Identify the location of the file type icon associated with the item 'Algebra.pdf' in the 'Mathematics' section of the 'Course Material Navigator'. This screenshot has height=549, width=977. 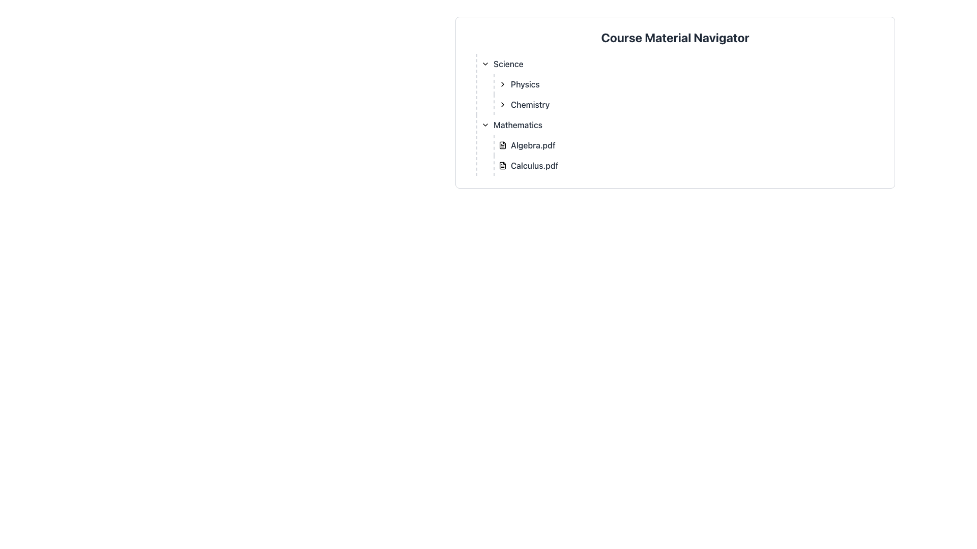
(503, 145).